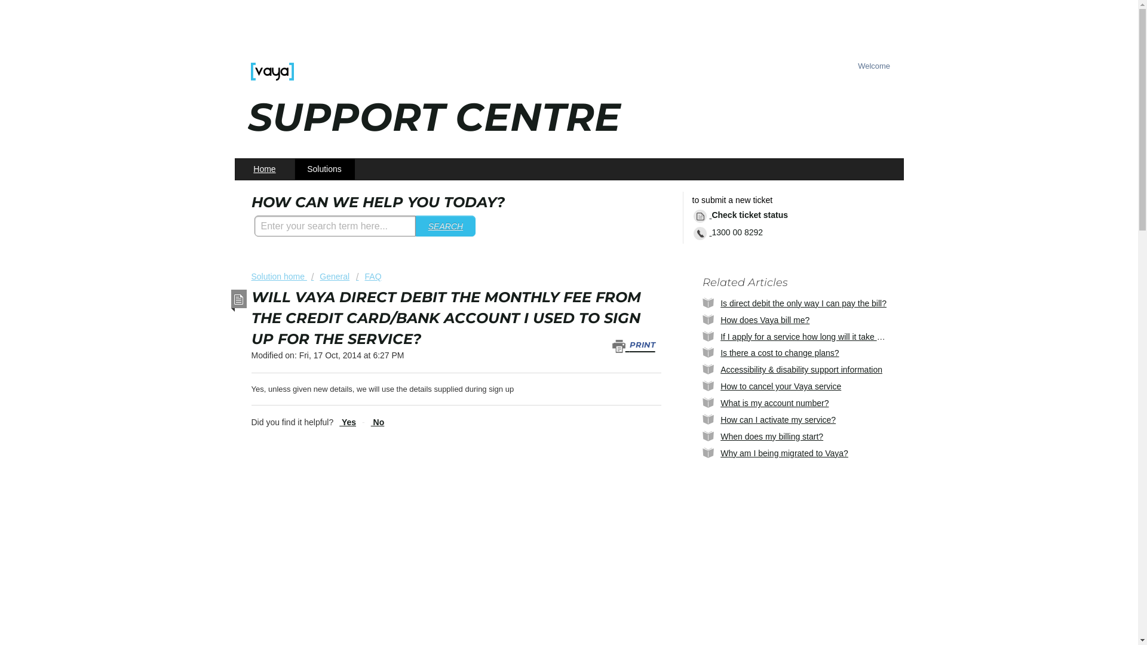  I want to click on 'FAQ', so click(355, 276).